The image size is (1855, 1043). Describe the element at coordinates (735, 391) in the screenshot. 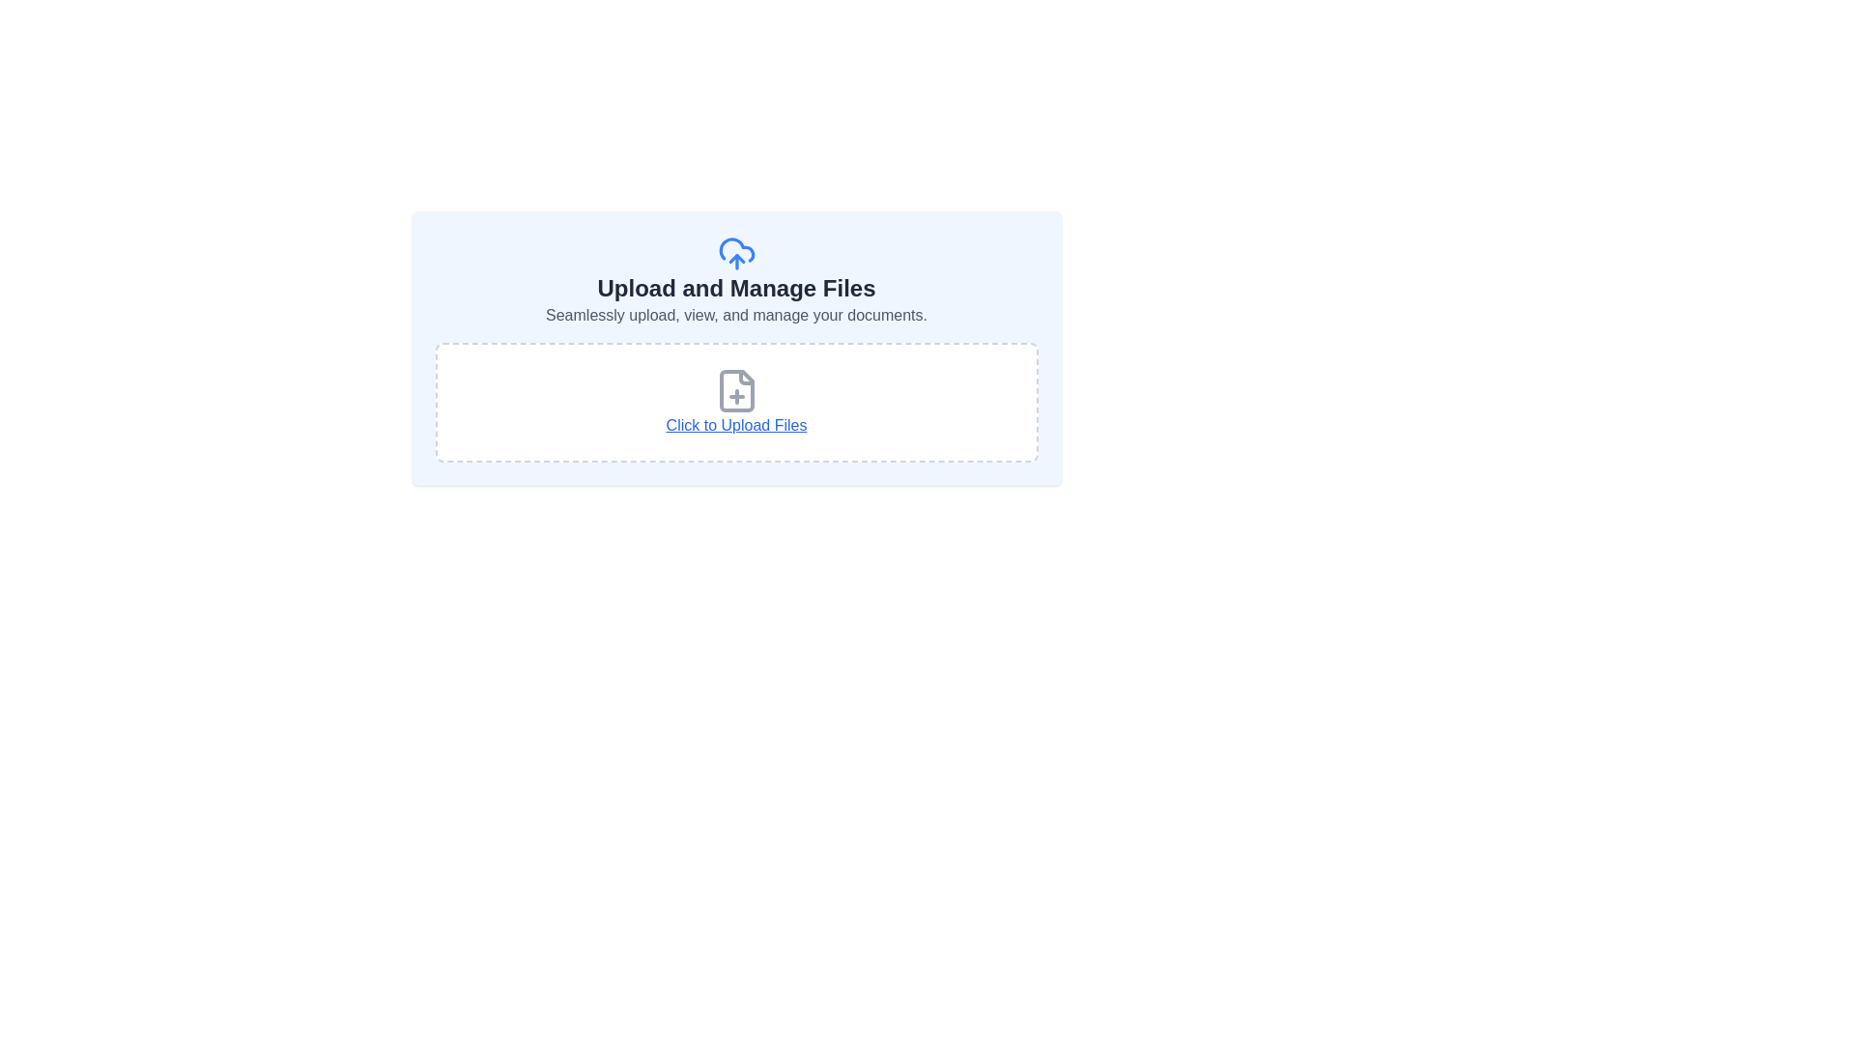

I see `the file upload icon, which is a graphical icon resembling a file with a plus symbol, located centrally within a dashed-border box under the text 'Click to Upload Files.'` at that location.